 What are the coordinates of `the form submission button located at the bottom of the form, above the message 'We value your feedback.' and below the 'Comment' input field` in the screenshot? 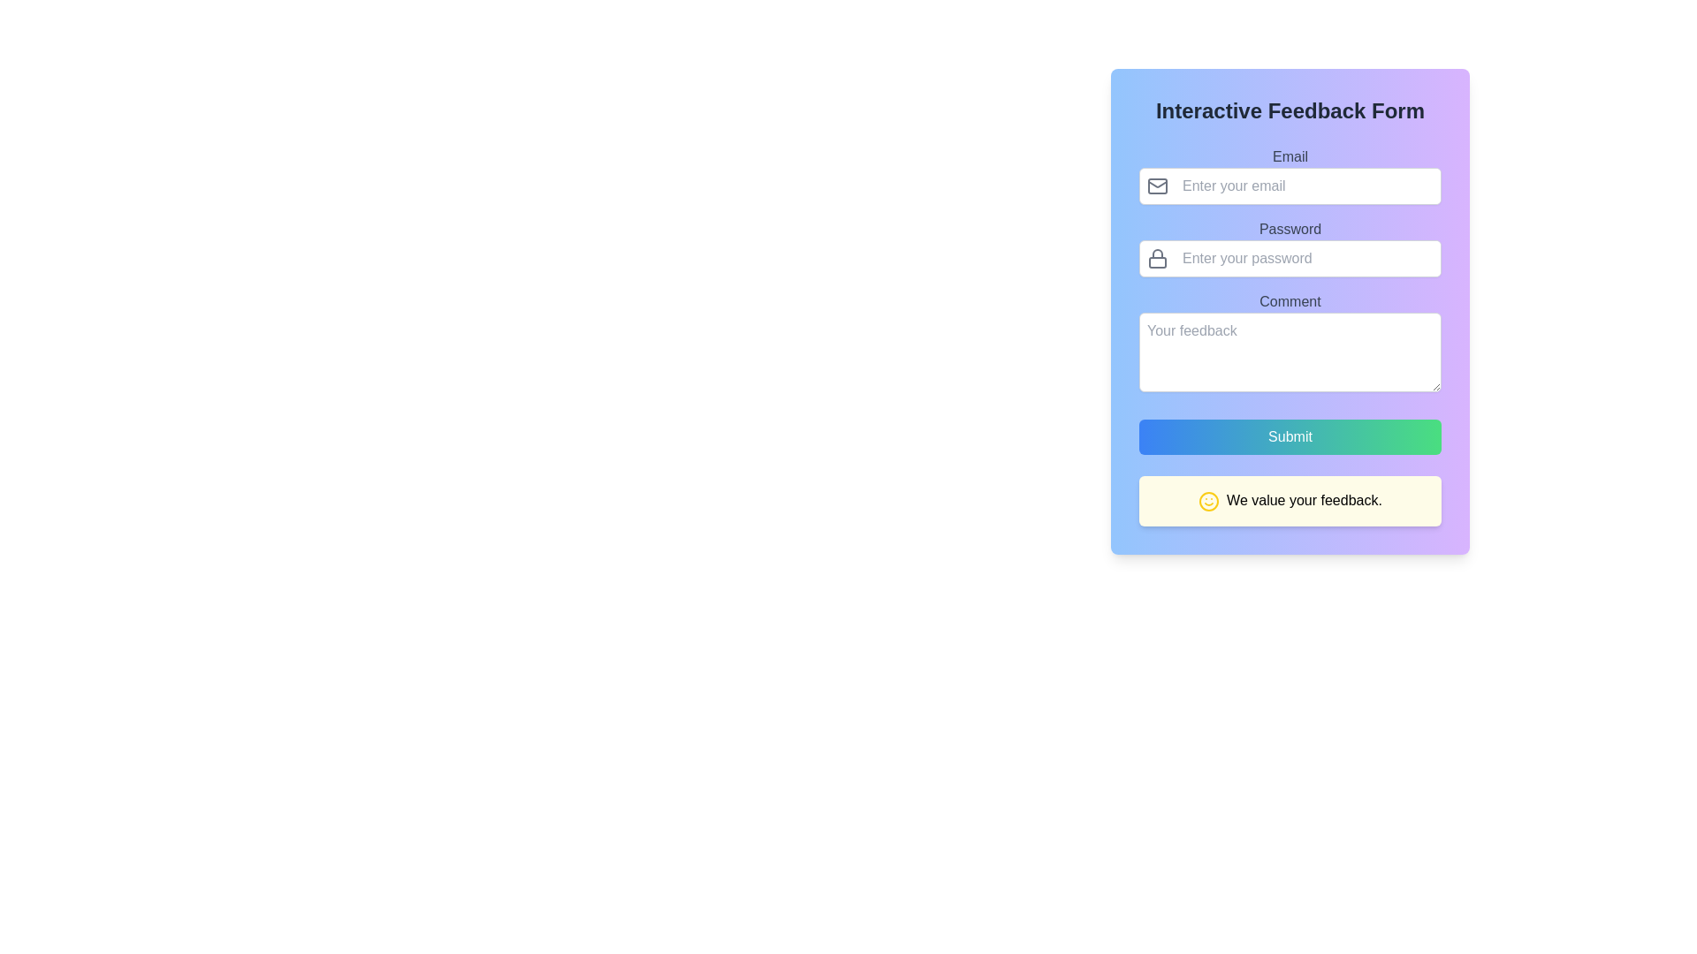 It's located at (1290, 436).